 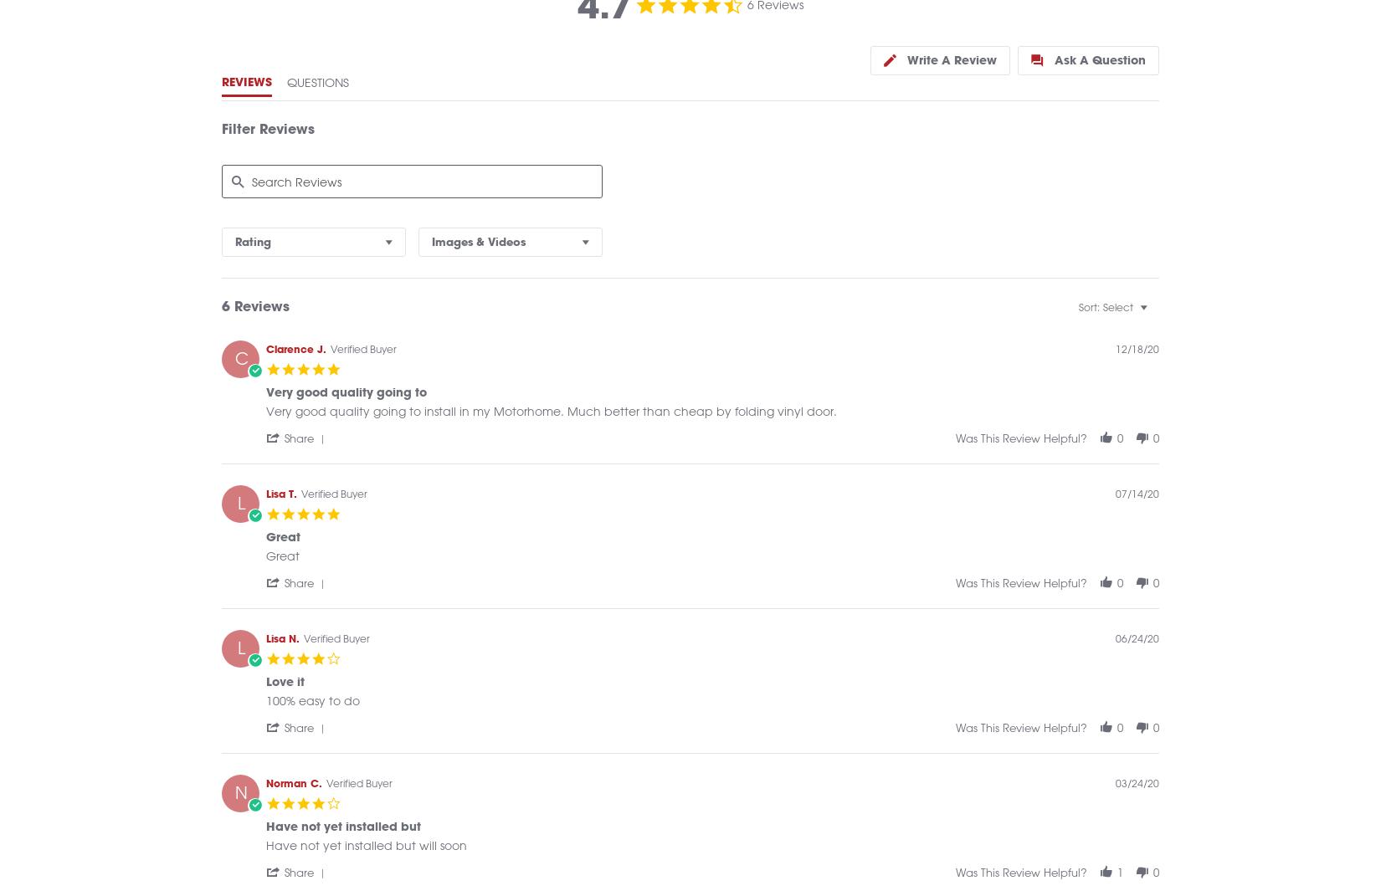 What do you see at coordinates (551, 428) in the screenshot?
I see `'Very good quality going to install in my Motorhome. Much better than cheap by folding vinyl door.'` at bounding box center [551, 428].